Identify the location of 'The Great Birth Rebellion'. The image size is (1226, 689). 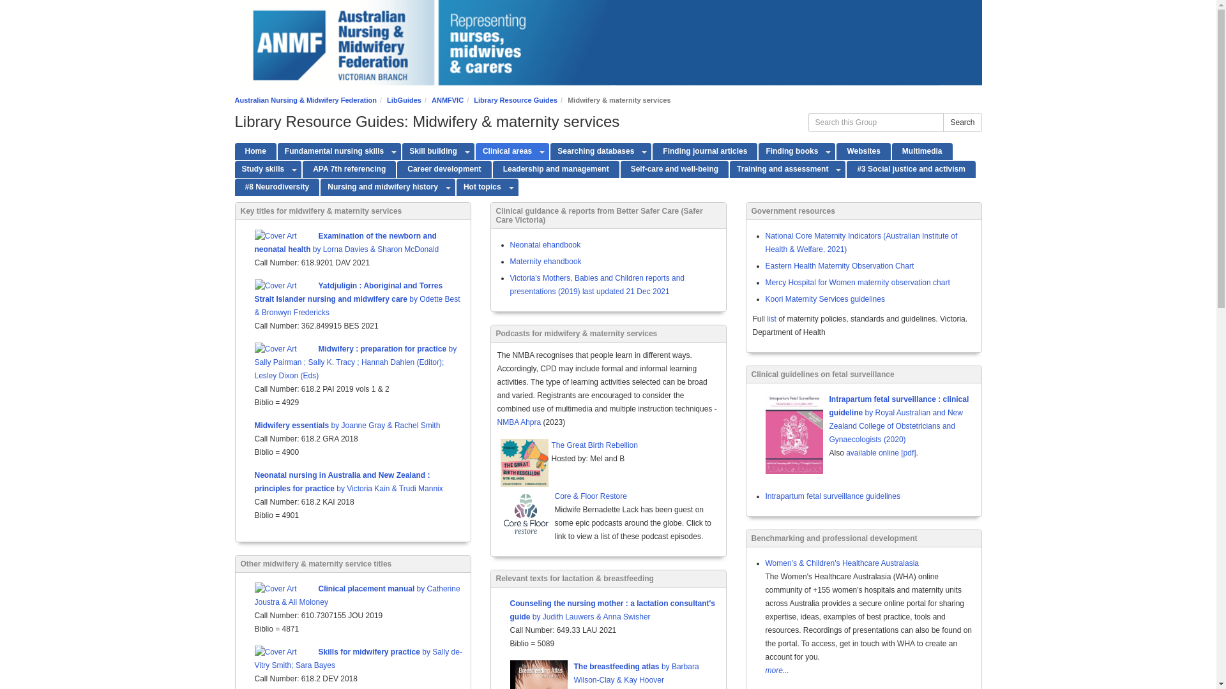
(552, 445).